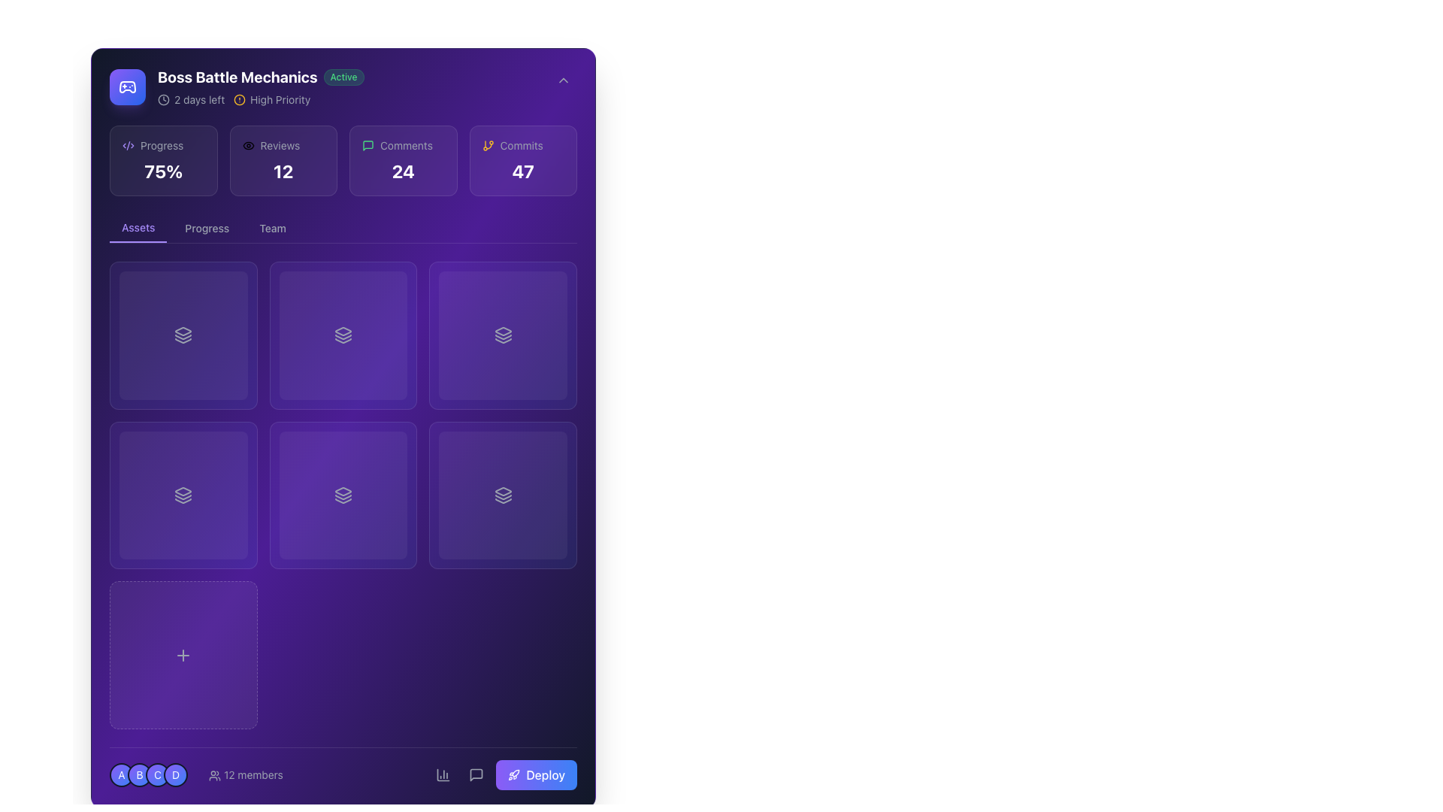  Describe the element at coordinates (280, 145) in the screenshot. I see `the Text label that represents the review count, located between the eye icon and the number '12'` at that location.